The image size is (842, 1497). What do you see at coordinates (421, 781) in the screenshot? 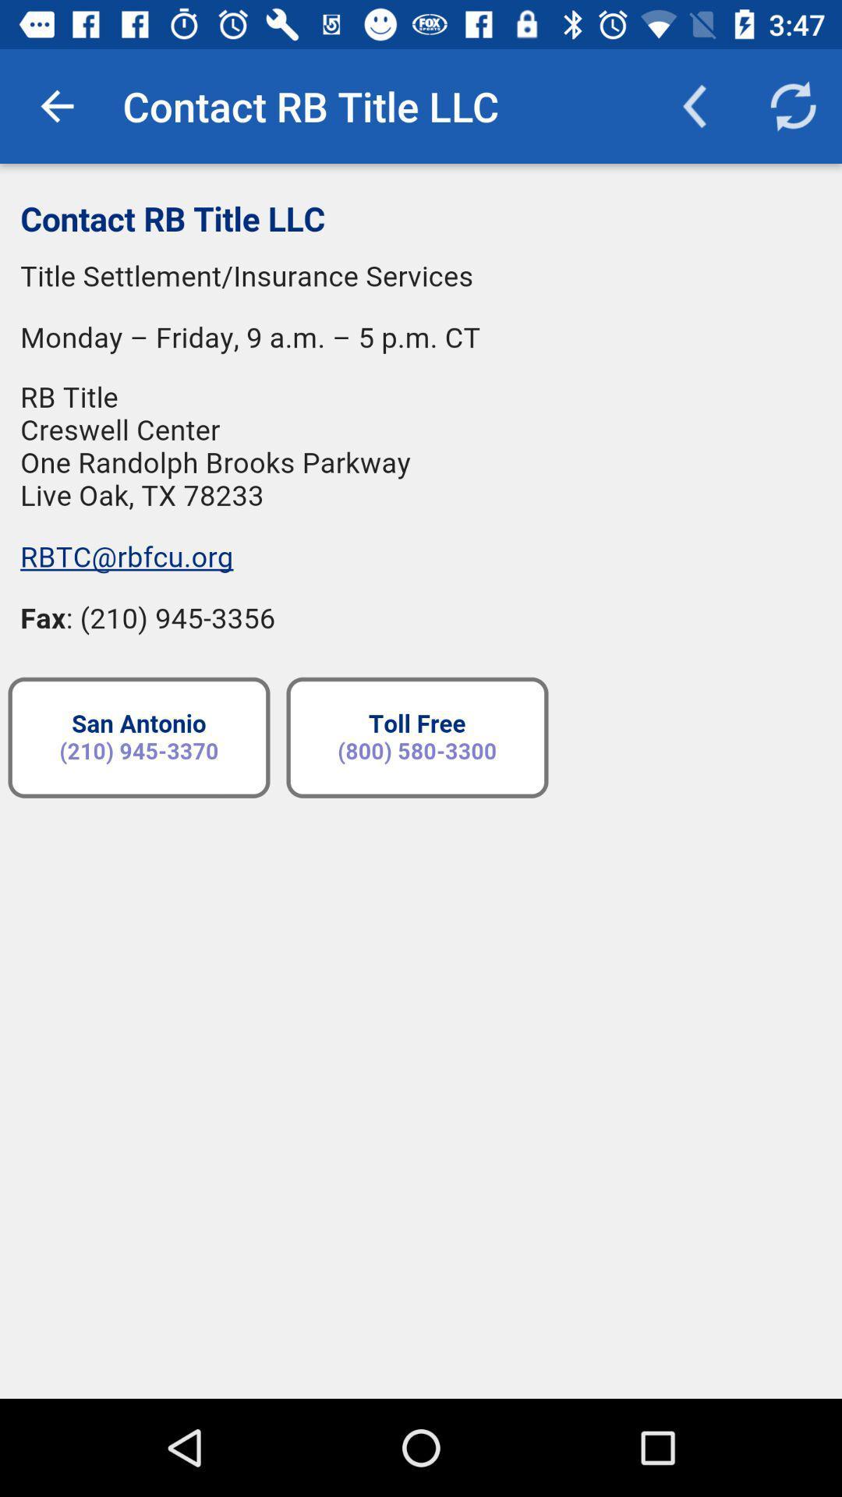
I see `contact of title` at bounding box center [421, 781].